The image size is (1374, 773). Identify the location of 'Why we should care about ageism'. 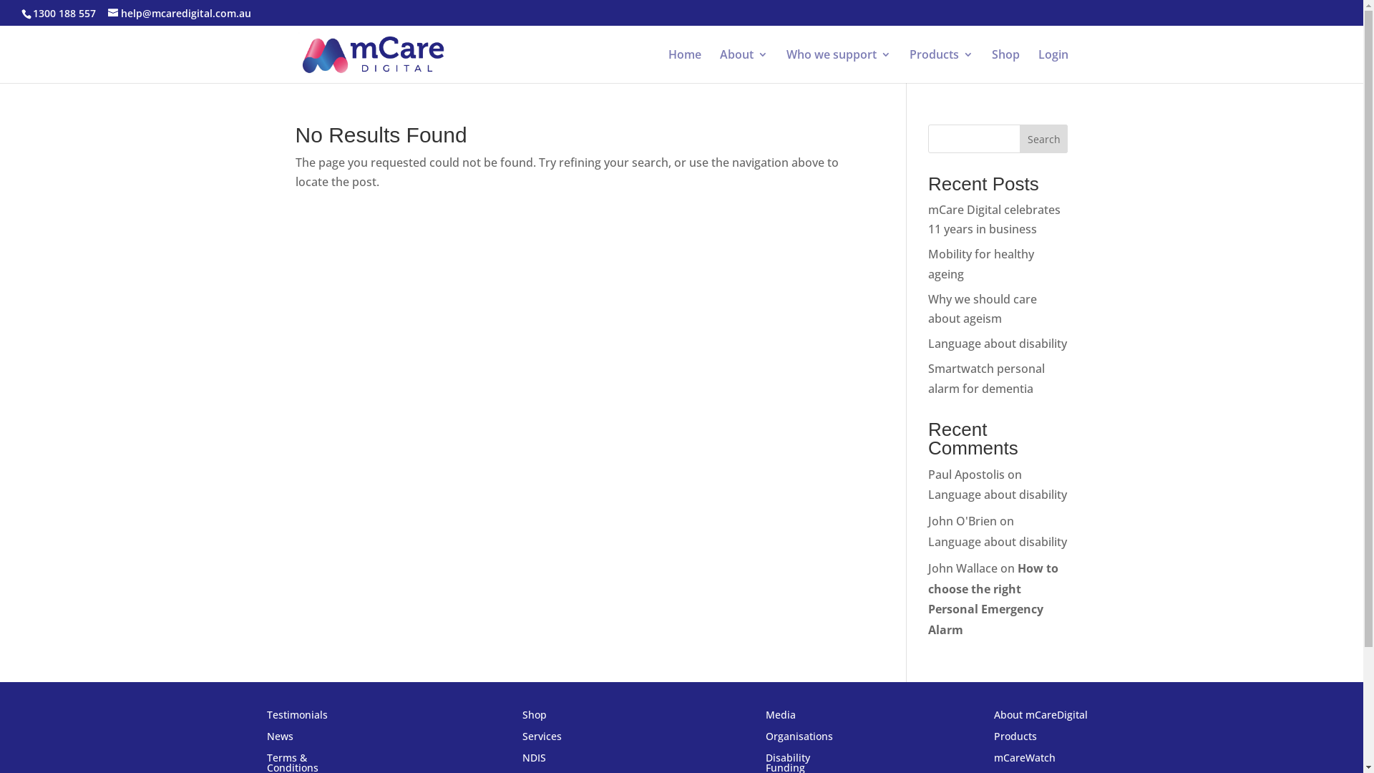
(927, 308).